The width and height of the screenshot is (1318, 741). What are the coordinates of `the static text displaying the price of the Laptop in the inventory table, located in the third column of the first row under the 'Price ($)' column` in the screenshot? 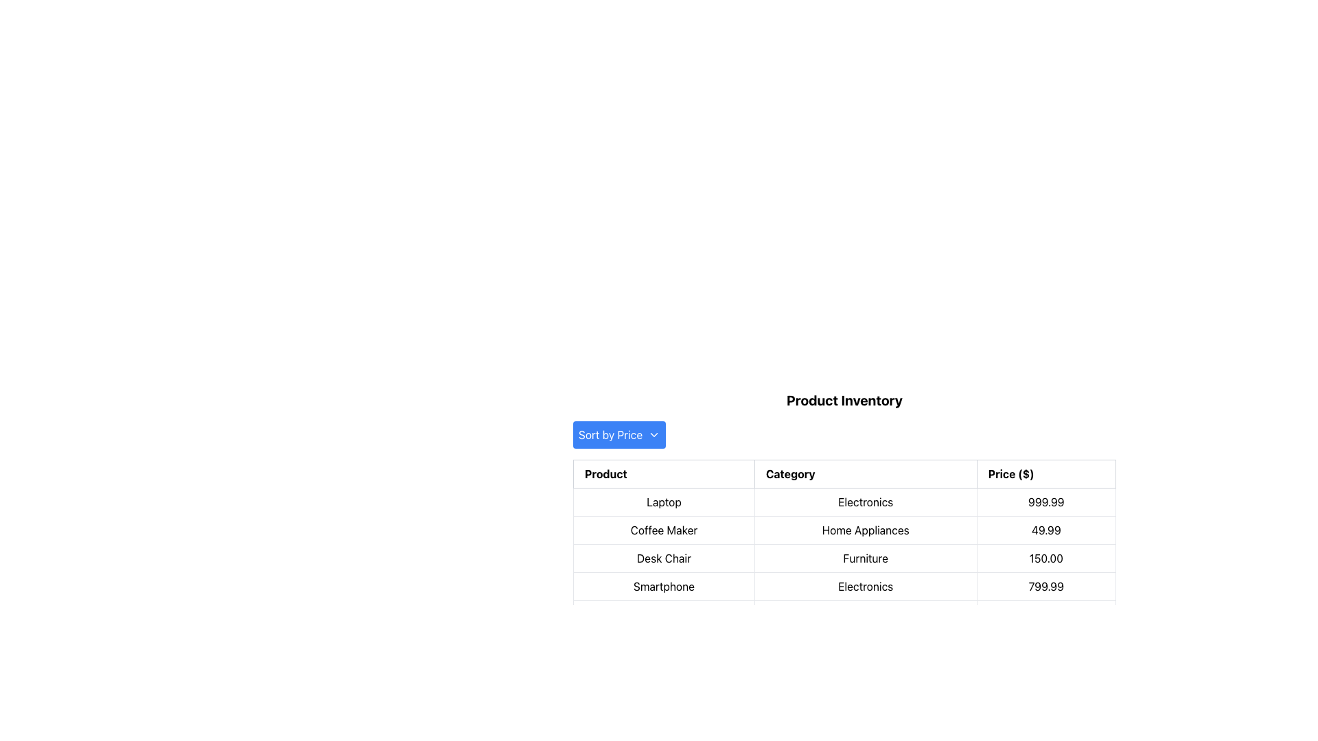 It's located at (1045, 502).